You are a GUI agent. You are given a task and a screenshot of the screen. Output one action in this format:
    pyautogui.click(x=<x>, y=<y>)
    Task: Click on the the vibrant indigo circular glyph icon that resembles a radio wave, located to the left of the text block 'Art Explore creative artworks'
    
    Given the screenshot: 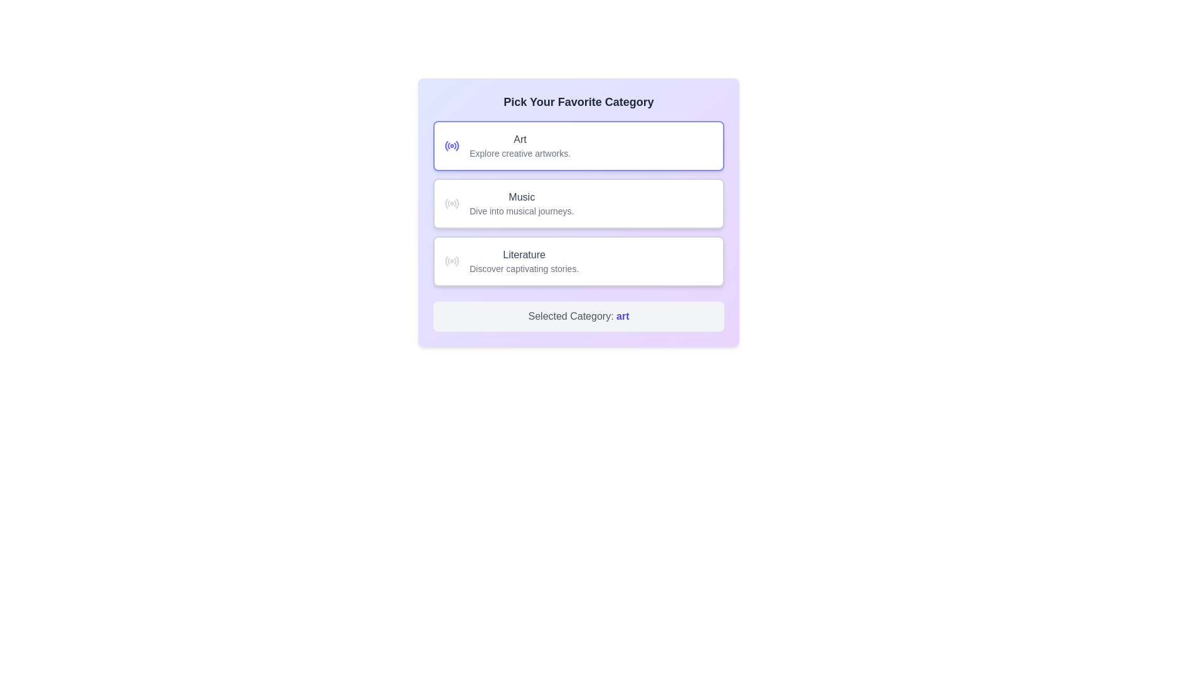 What is the action you would take?
    pyautogui.click(x=451, y=145)
    